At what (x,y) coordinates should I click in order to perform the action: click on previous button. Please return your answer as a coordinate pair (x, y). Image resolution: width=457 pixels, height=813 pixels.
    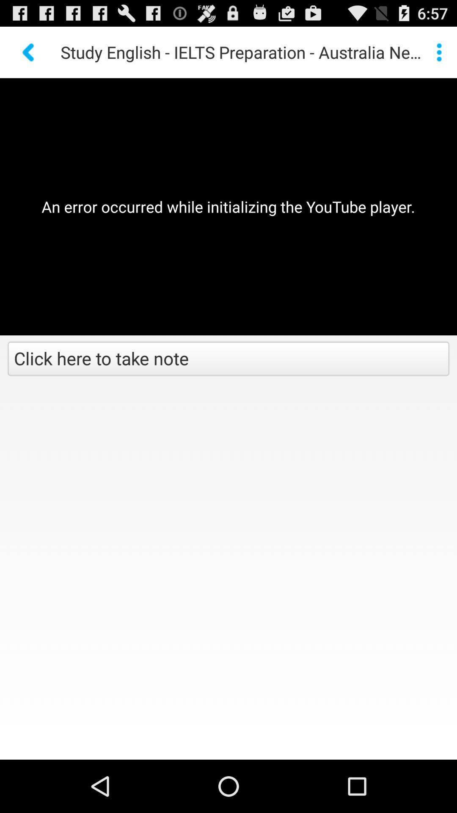
    Looking at the image, I should click on (29, 52).